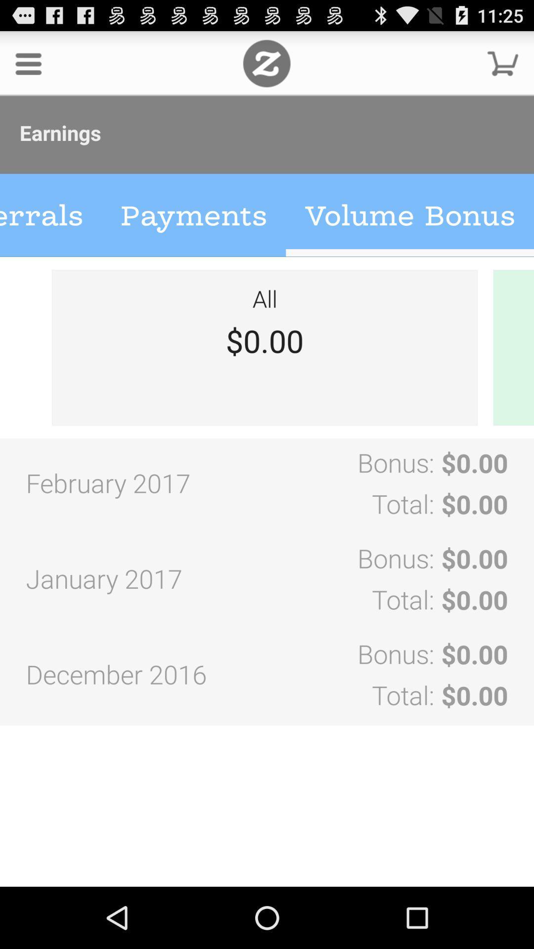 The height and width of the screenshot is (949, 534). What do you see at coordinates (28, 67) in the screenshot?
I see `the menu icon` at bounding box center [28, 67].